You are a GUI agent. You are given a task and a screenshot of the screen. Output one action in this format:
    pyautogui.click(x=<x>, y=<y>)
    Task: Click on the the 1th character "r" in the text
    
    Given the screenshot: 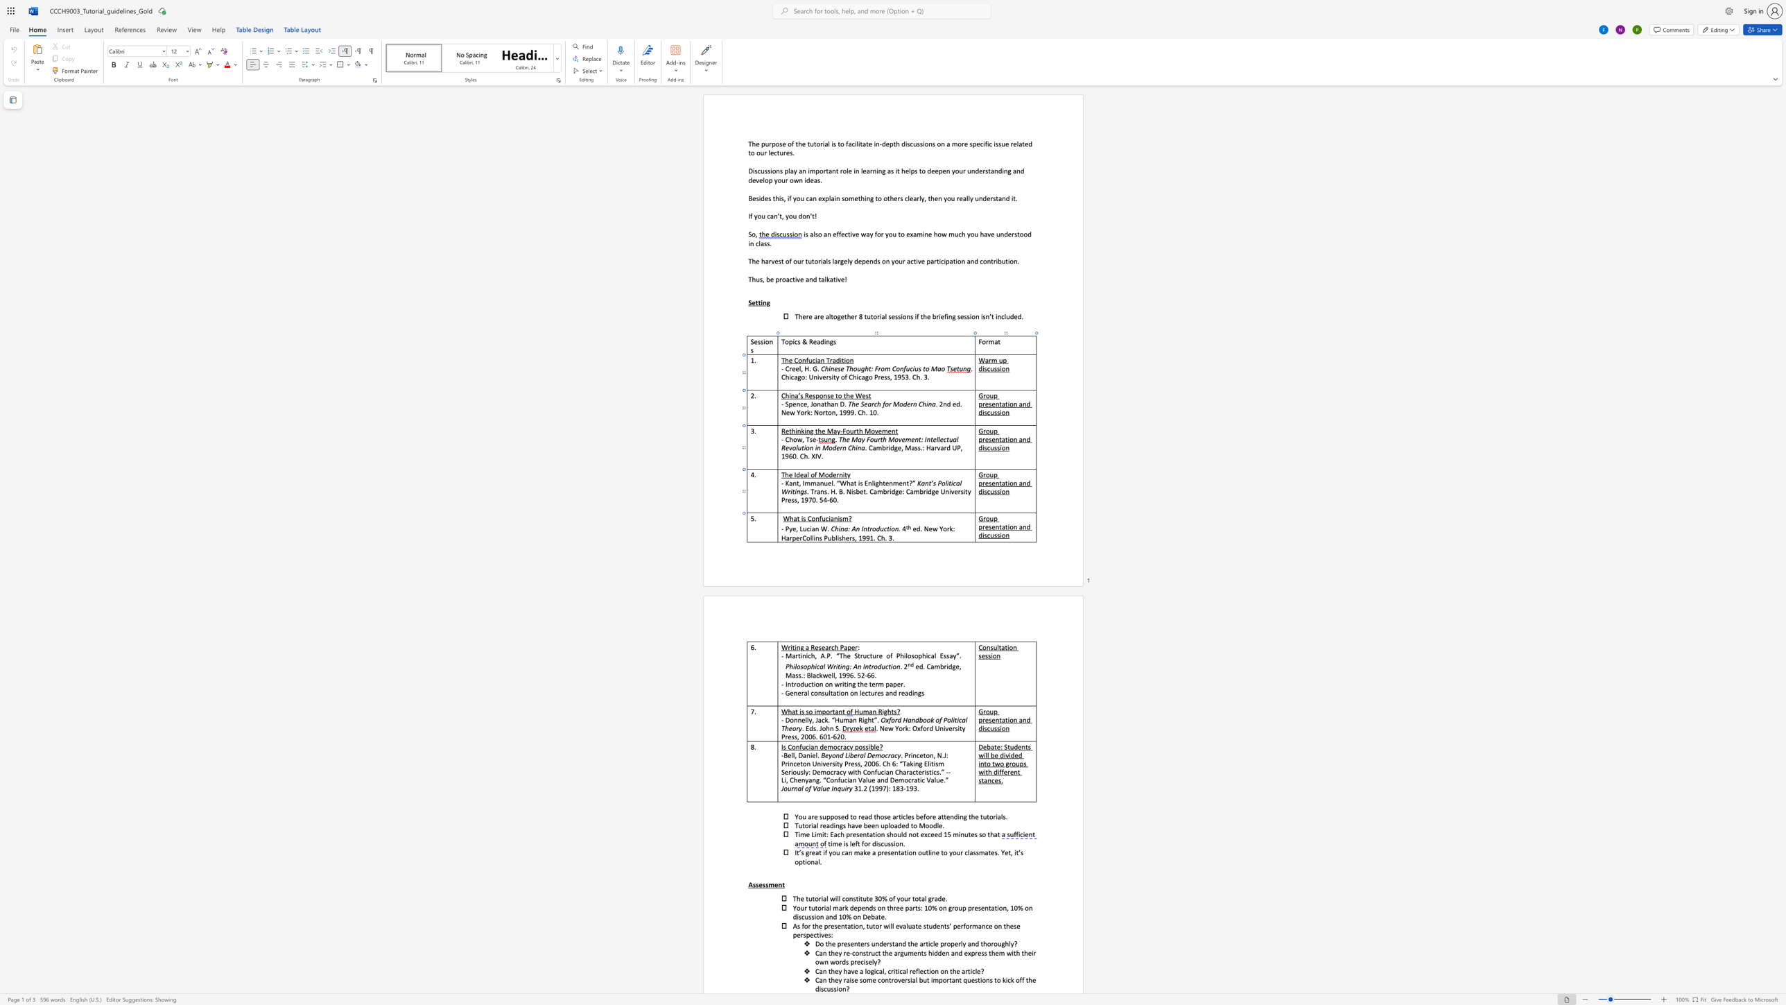 What is the action you would take?
    pyautogui.click(x=984, y=474)
    